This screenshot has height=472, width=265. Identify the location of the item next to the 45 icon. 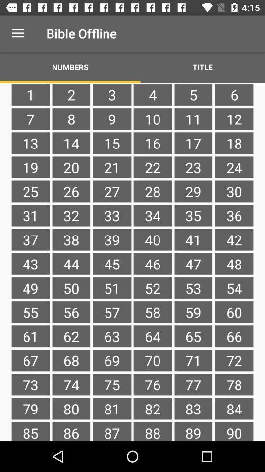
(71, 288).